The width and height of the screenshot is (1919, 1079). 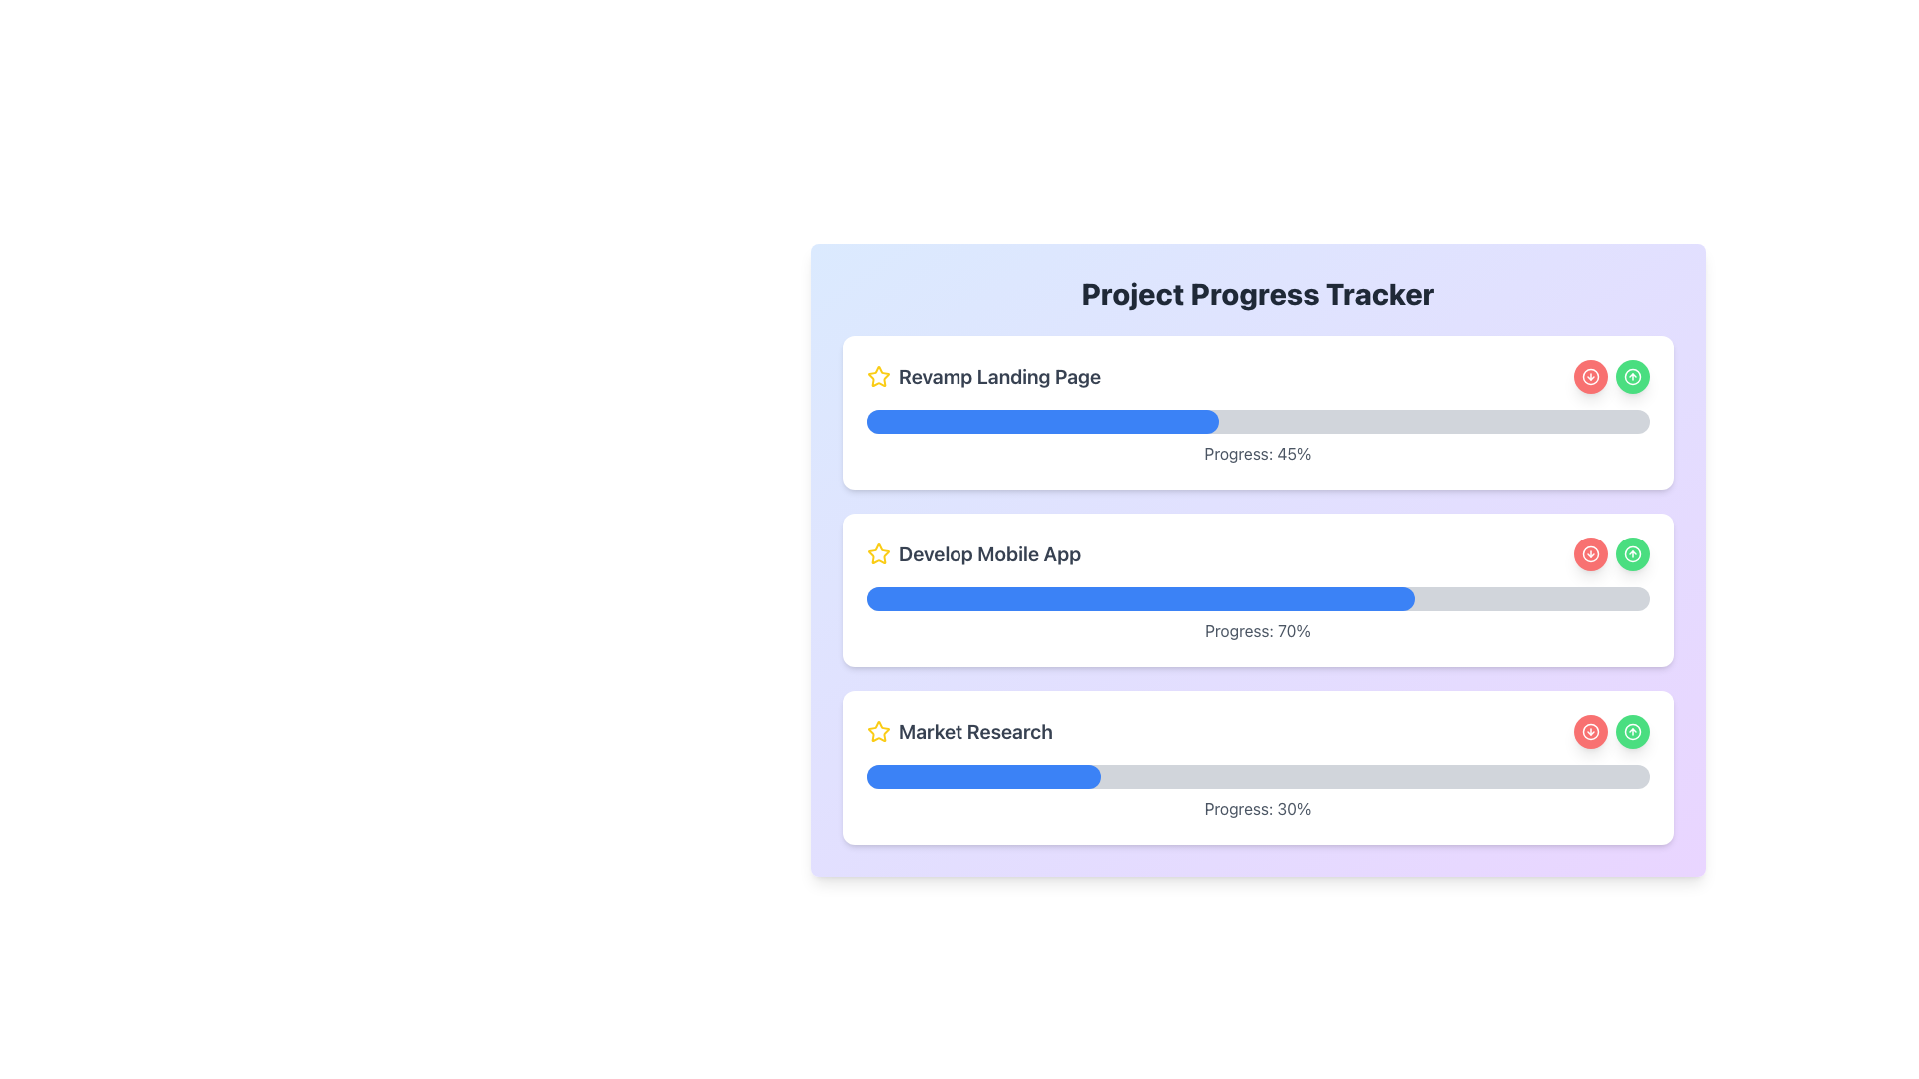 I want to click on the circular graphical component situated within the upward pointing arrow icon in the progress tracking interface for the 'Develop Mobile App' project, so click(x=1632, y=554).